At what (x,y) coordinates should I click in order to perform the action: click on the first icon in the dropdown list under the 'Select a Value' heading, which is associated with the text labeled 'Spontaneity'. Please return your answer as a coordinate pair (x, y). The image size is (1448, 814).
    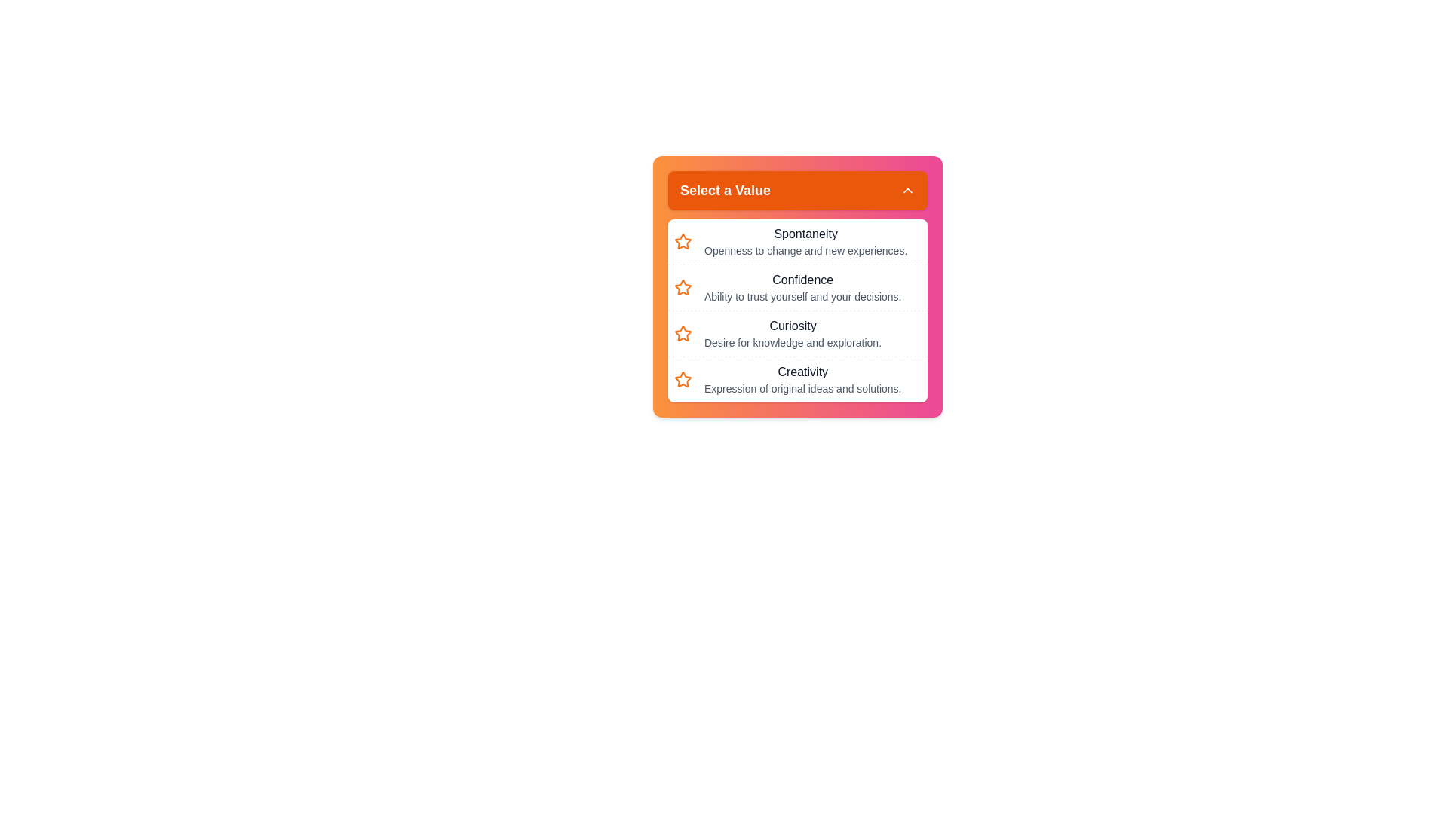
    Looking at the image, I should click on (683, 240).